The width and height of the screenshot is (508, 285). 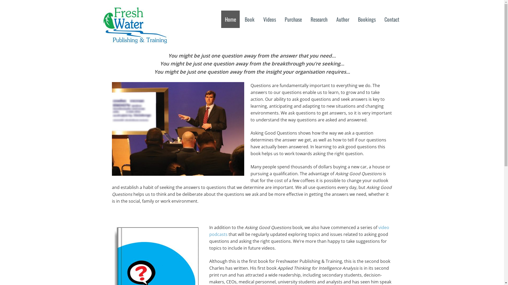 I want to click on 'Freshwater Publishing & Training', so click(x=135, y=40).